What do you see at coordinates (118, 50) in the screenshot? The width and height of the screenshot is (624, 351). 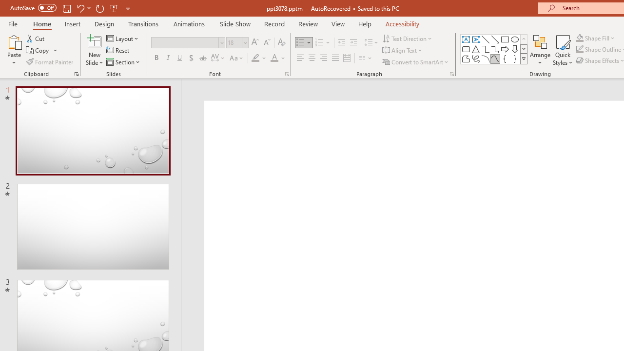 I see `'Reset'` at bounding box center [118, 50].